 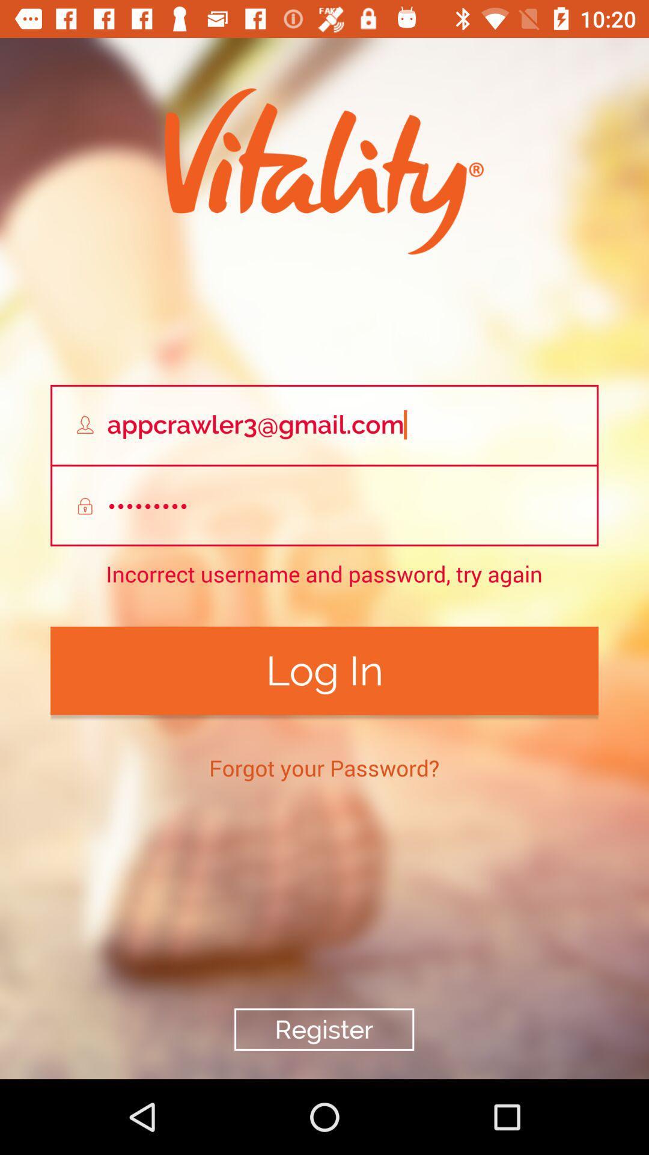 What do you see at coordinates (324, 506) in the screenshot?
I see `the item above incorrect username and icon` at bounding box center [324, 506].